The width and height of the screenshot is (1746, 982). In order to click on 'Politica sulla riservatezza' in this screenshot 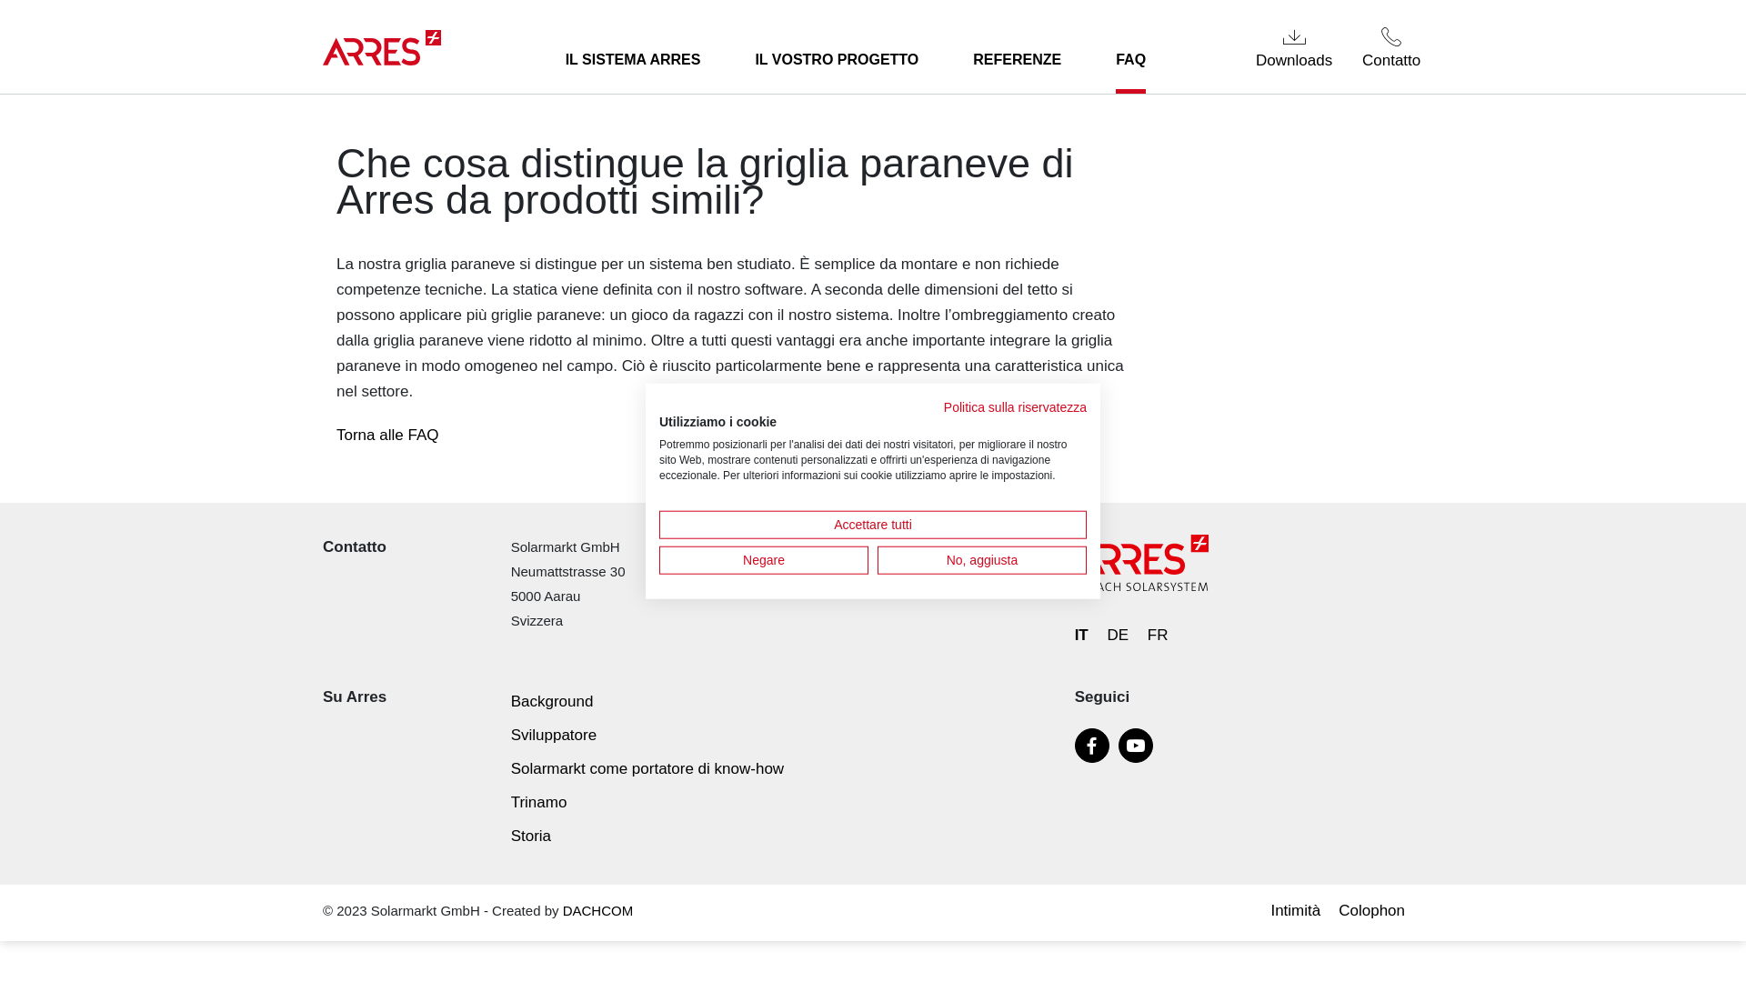, I will do `click(1014, 406)`.